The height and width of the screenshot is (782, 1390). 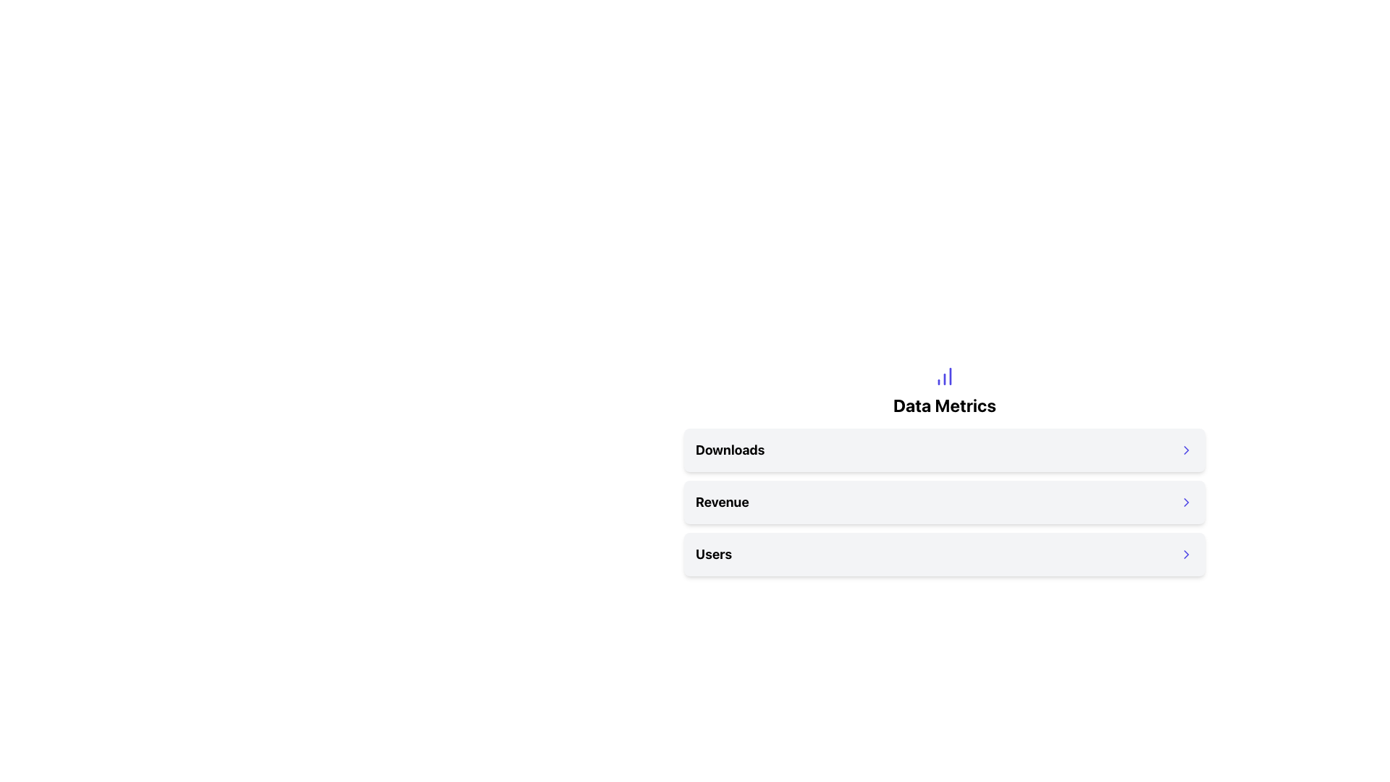 What do you see at coordinates (1186, 502) in the screenshot?
I see `the interactive icon button located to the far right of the 'Revenue' row` at bounding box center [1186, 502].